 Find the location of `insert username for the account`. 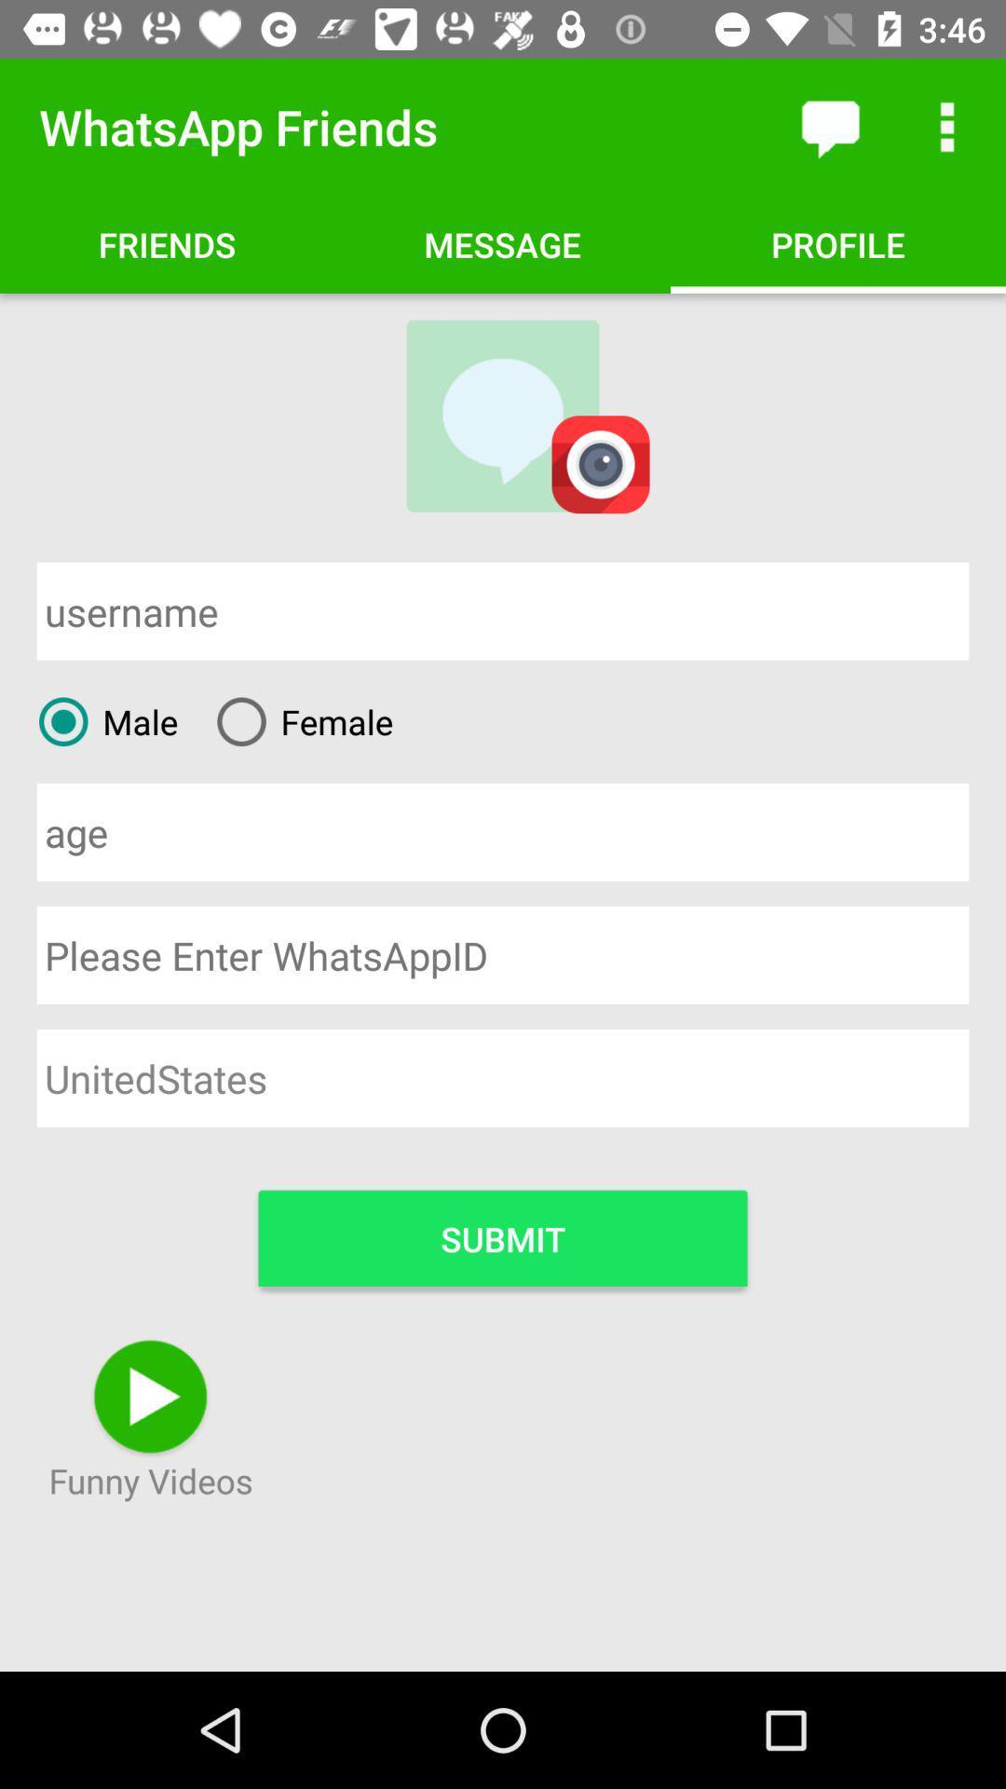

insert username for the account is located at coordinates (503, 611).